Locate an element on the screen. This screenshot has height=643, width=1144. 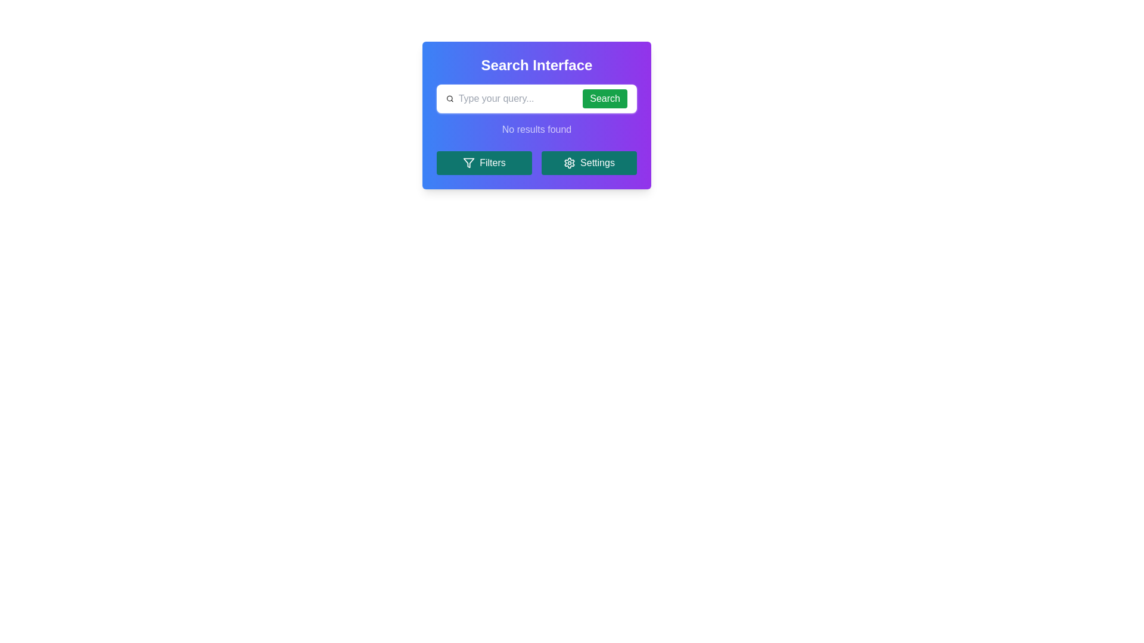
the filter icon, shaped like an inverted triangle, located on the teal 'Filters' button is located at coordinates (468, 163).